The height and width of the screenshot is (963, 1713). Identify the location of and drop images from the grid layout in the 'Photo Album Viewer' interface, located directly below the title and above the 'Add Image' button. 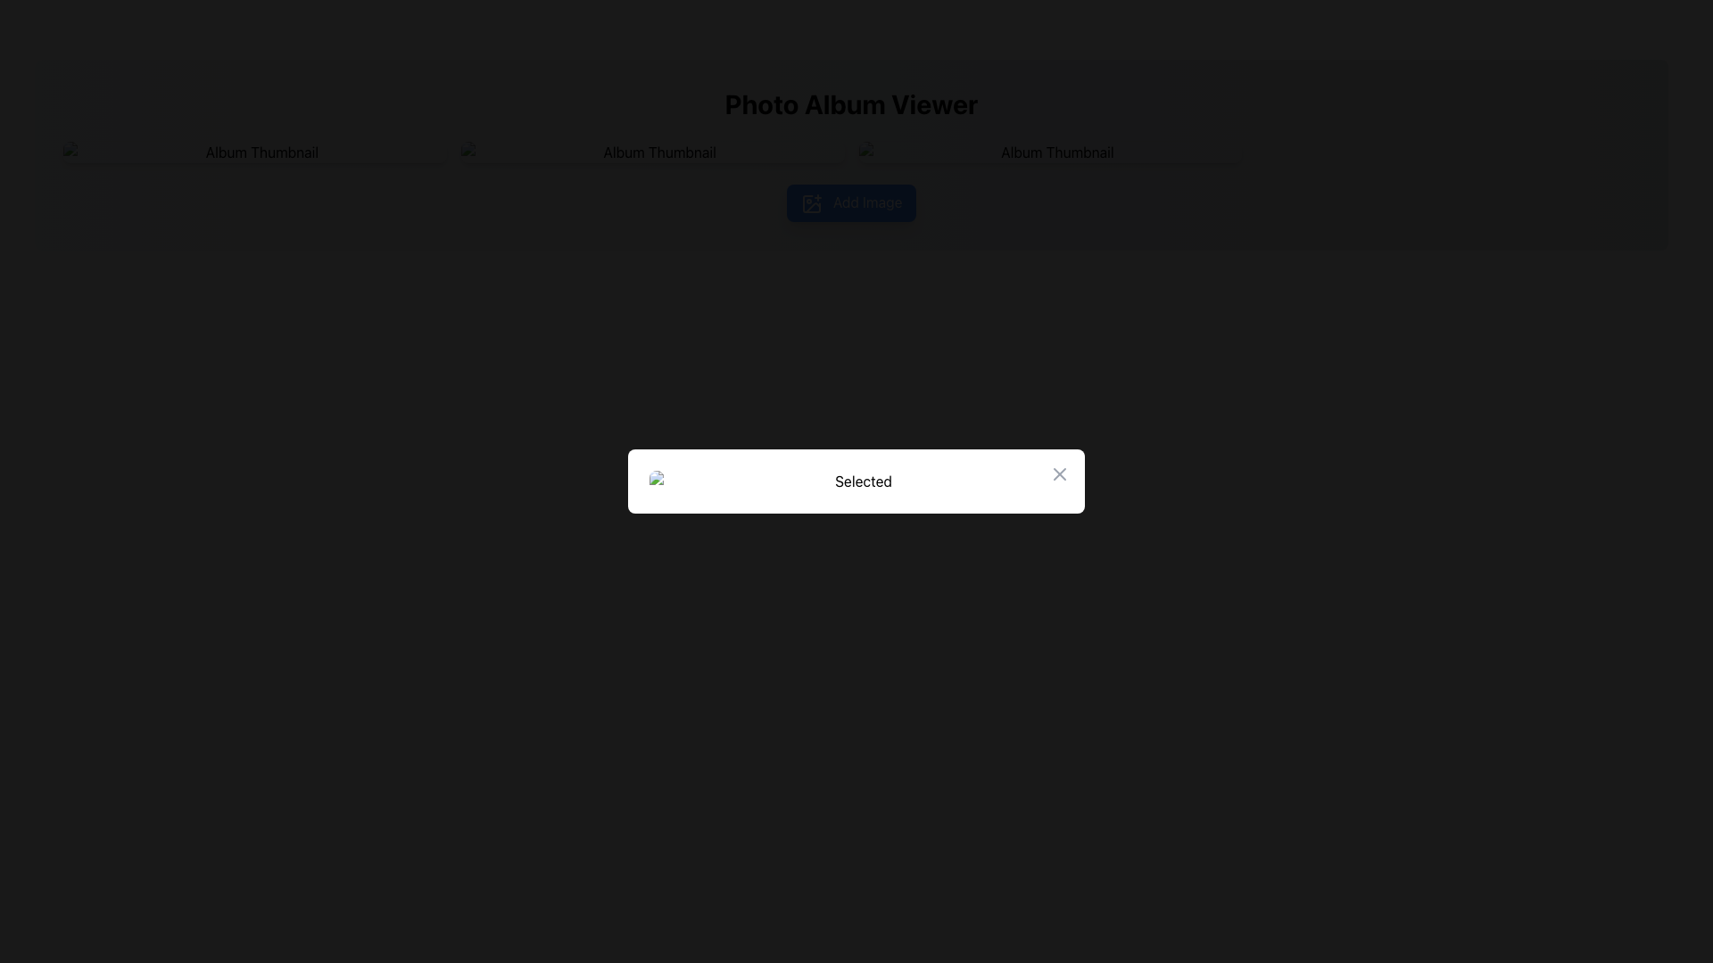
(850, 151).